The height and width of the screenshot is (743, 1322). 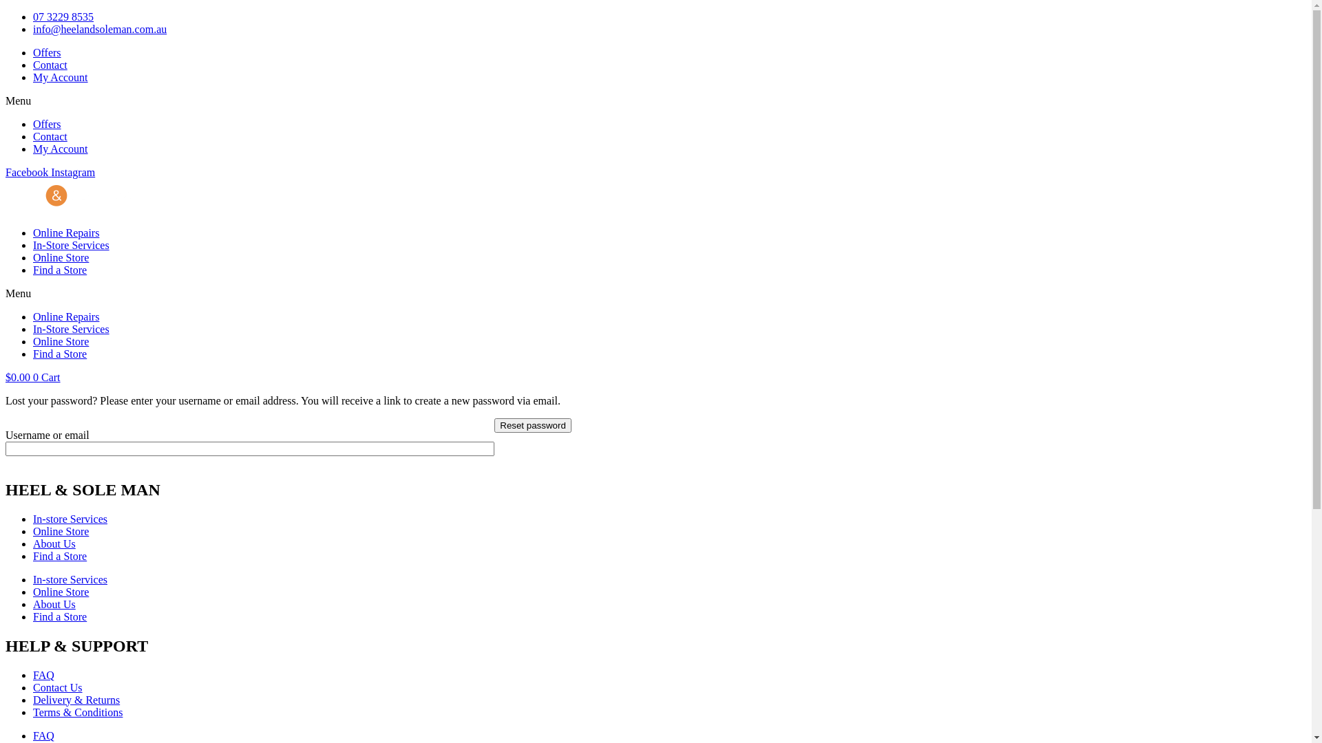 I want to click on 'Find a Store', so click(x=33, y=616).